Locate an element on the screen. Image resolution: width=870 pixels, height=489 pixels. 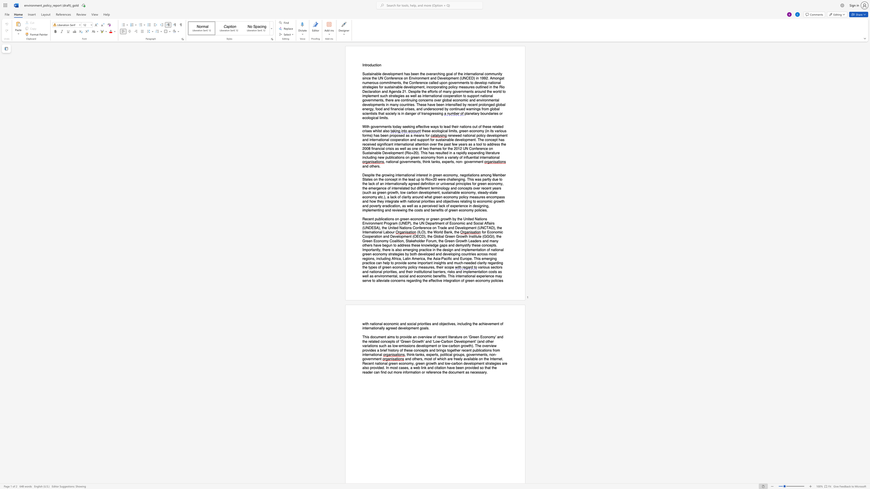
the subset text "), the W" within the text "(ILO), the World Bank, the" is located at coordinates (424, 232).